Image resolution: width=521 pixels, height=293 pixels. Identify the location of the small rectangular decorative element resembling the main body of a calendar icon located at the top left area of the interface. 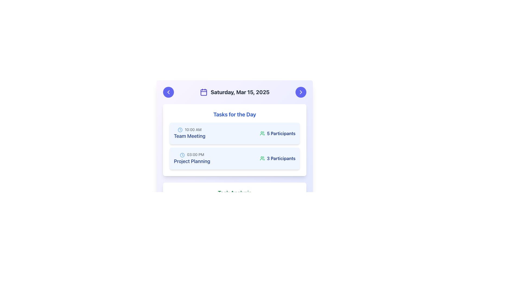
(203, 92).